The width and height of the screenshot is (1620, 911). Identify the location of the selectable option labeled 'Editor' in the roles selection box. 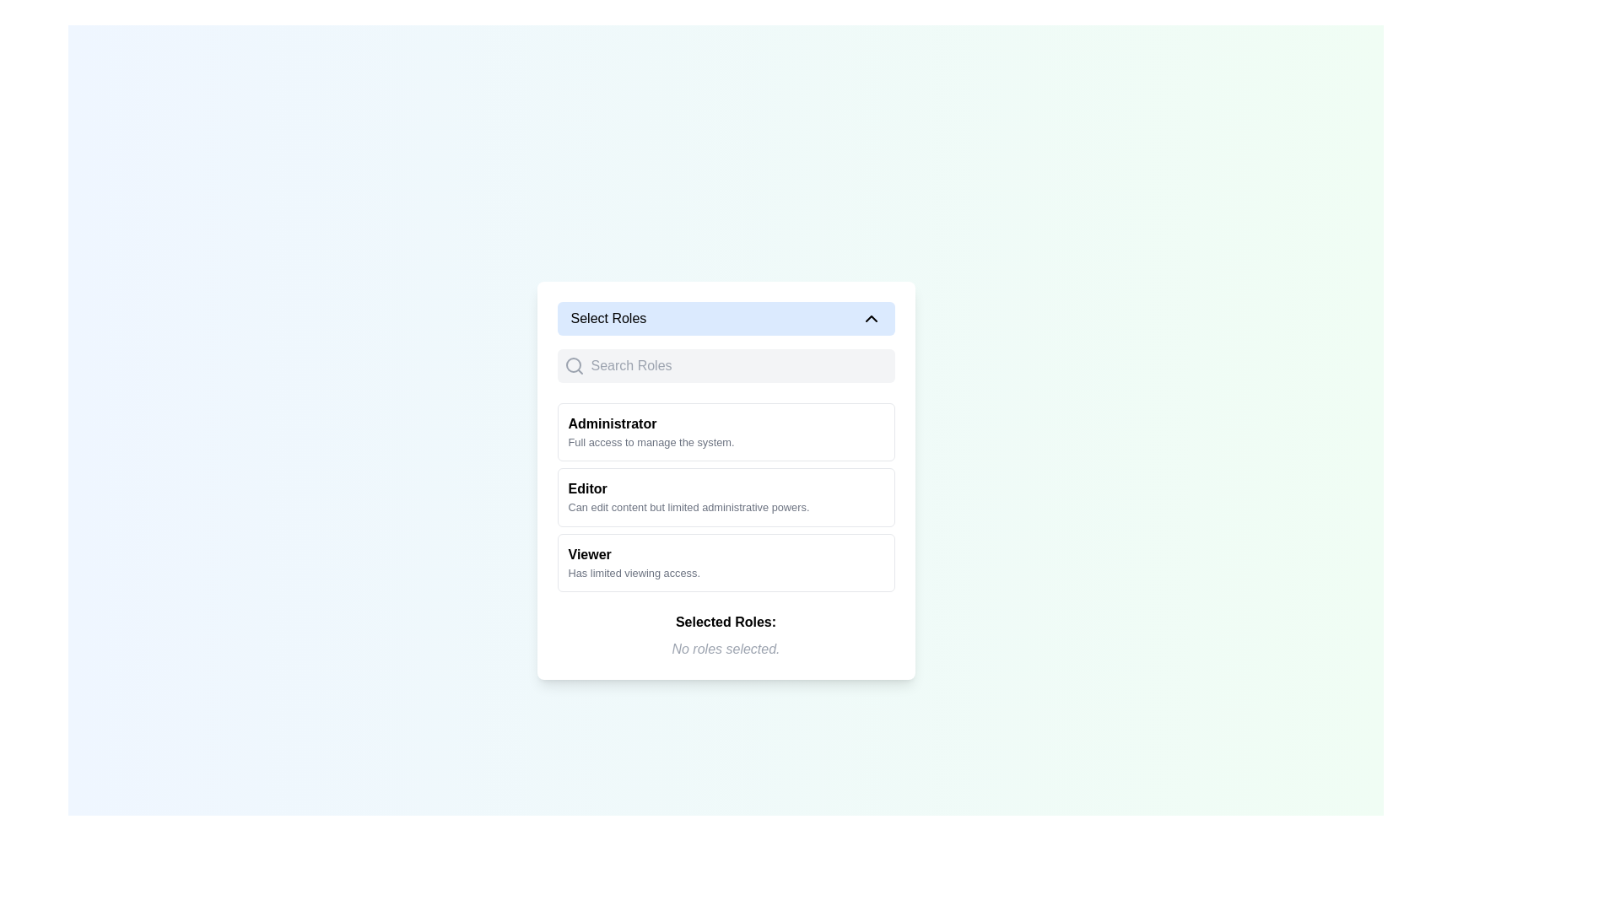
(726, 481).